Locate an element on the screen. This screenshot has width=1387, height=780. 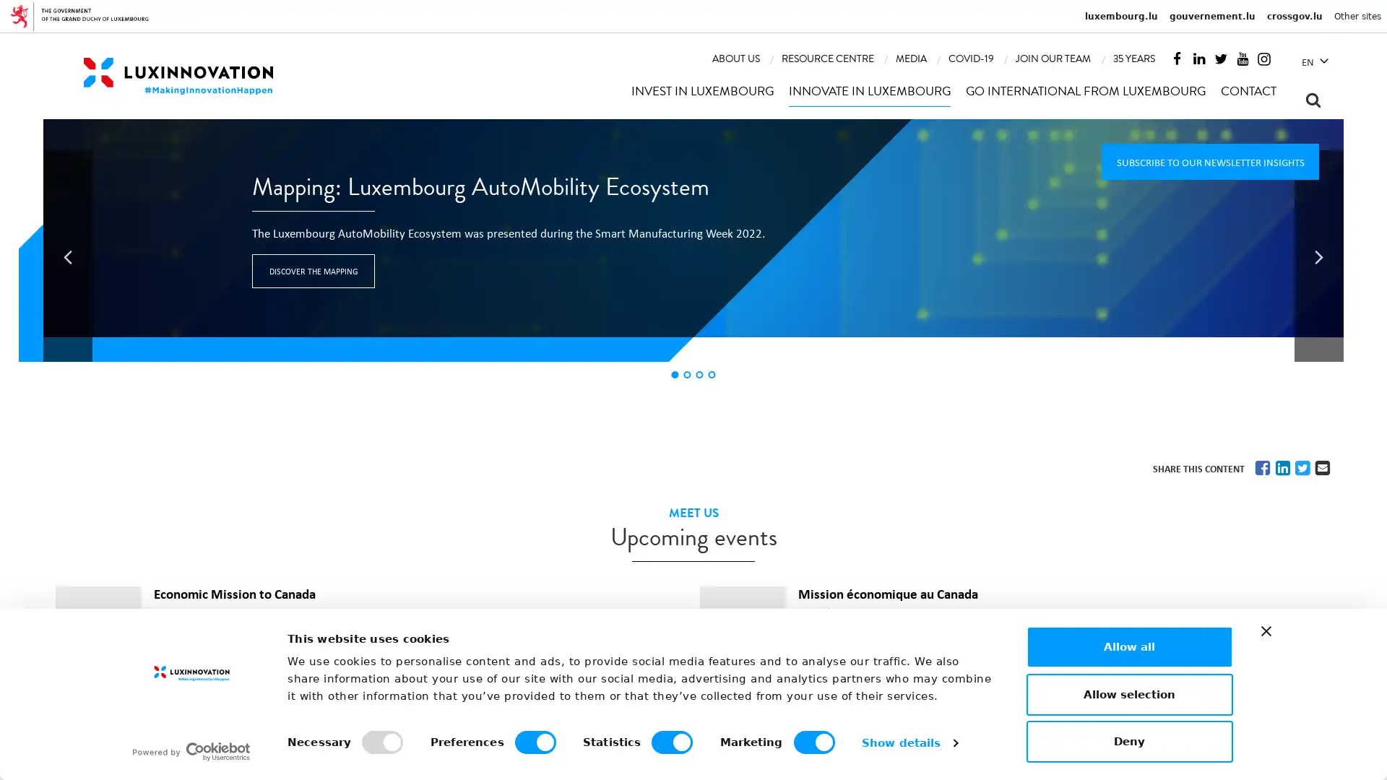
Allow selection is located at coordinates (1128, 693).